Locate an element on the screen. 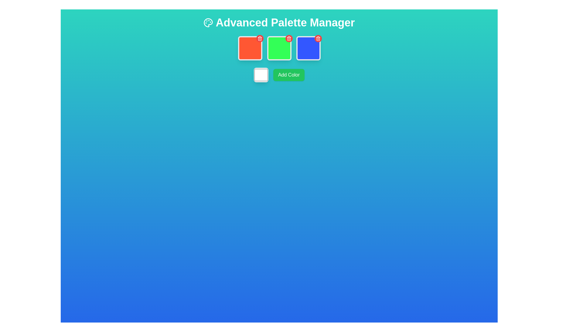 The width and height of the screenshot is (583, 328). the painter's palette icon located to the left of 'Advanced Palette Manager' in the title header section is located at coordinates (208, 22).